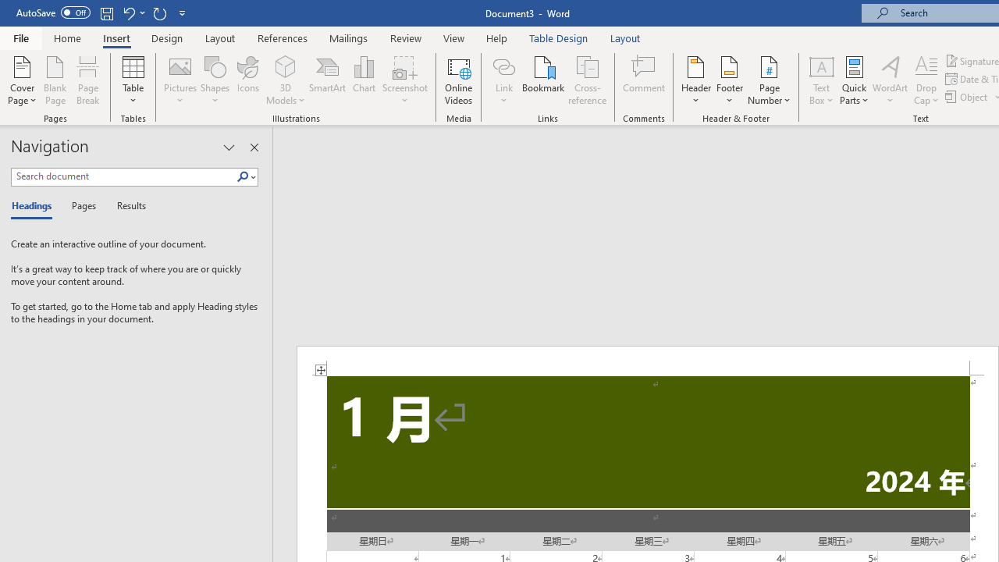 This screenshot has width=999, height=562. What do you see at coordinates (254, 148) in the screenshot?
I see `'Close pane'` at bounding box center [254, 148].